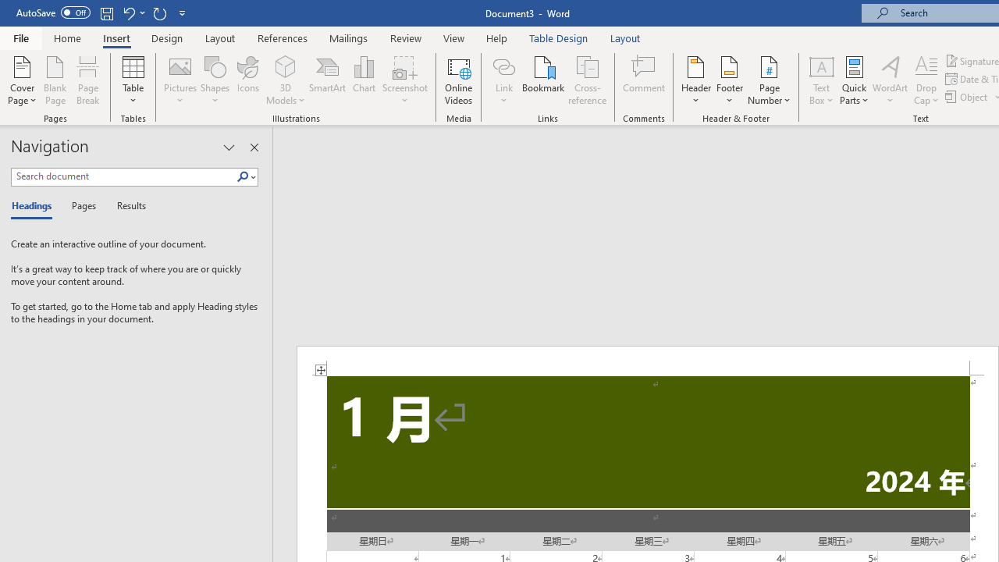 This screenshot has width=999, height=562. What do you see at coordinates (254, 148) in the screenshot?
I see `'Close pane'` at bounding box center [254, 148].